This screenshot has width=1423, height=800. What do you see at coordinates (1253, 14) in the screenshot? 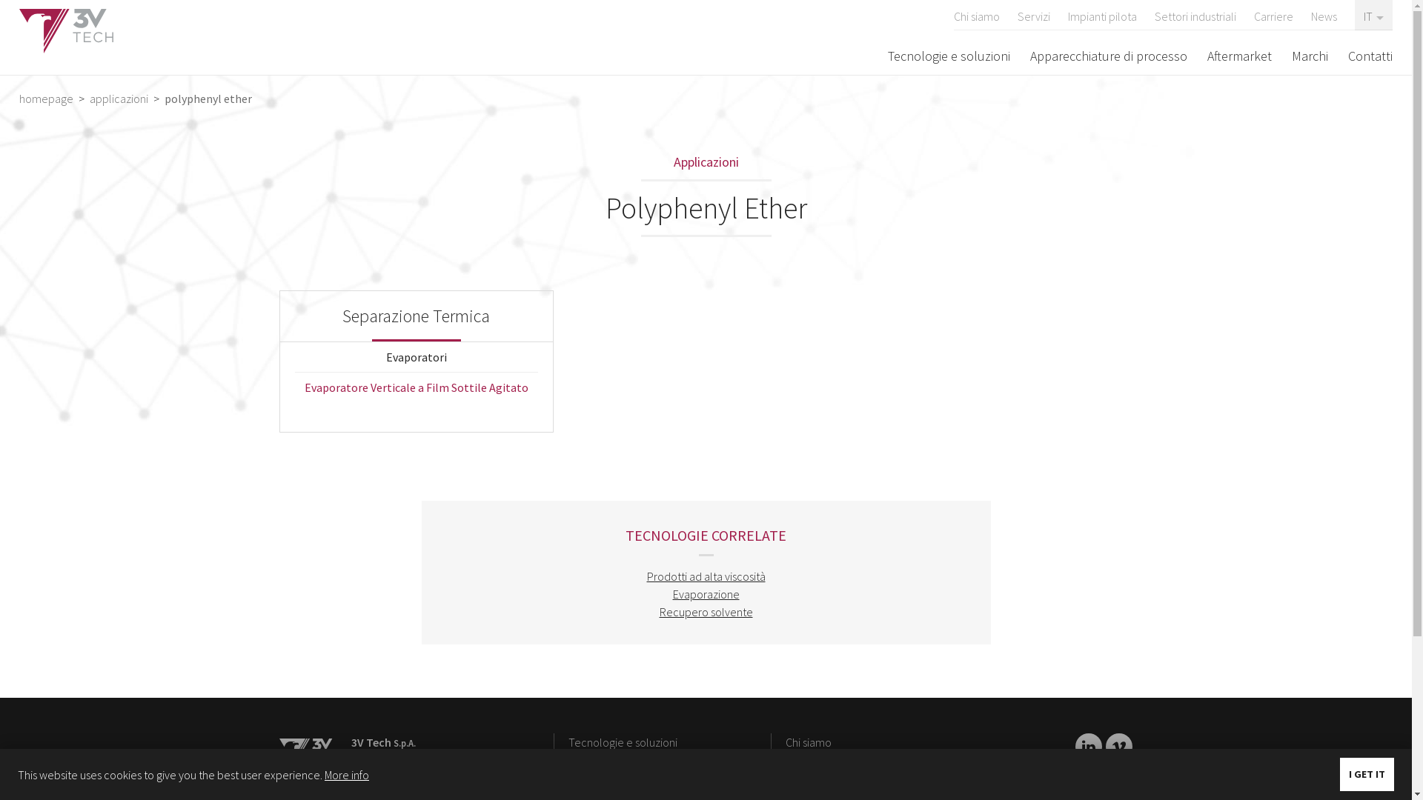
I see `'Carriere'` at bounding box center [1253, 14].